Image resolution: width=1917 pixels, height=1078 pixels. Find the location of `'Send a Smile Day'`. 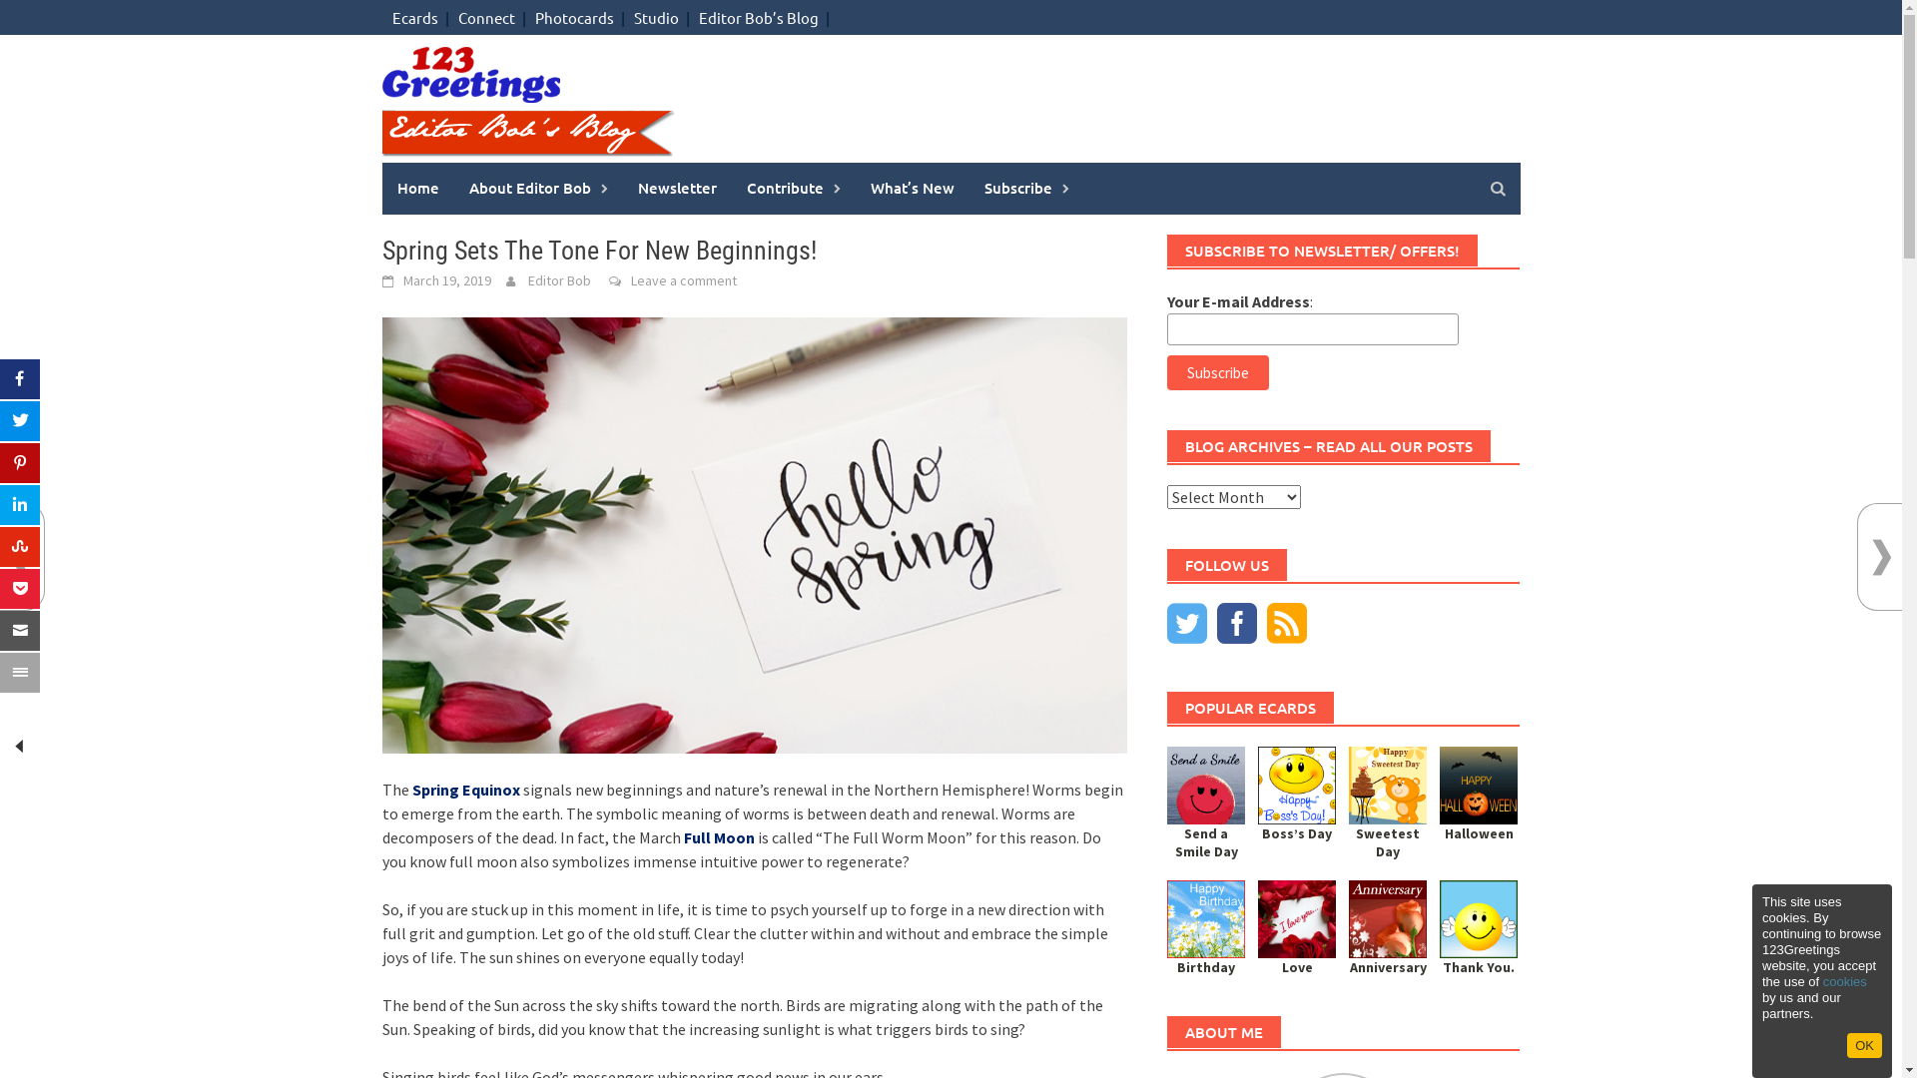

'Send a Smile Day' is located at coordinates (1205, 842).